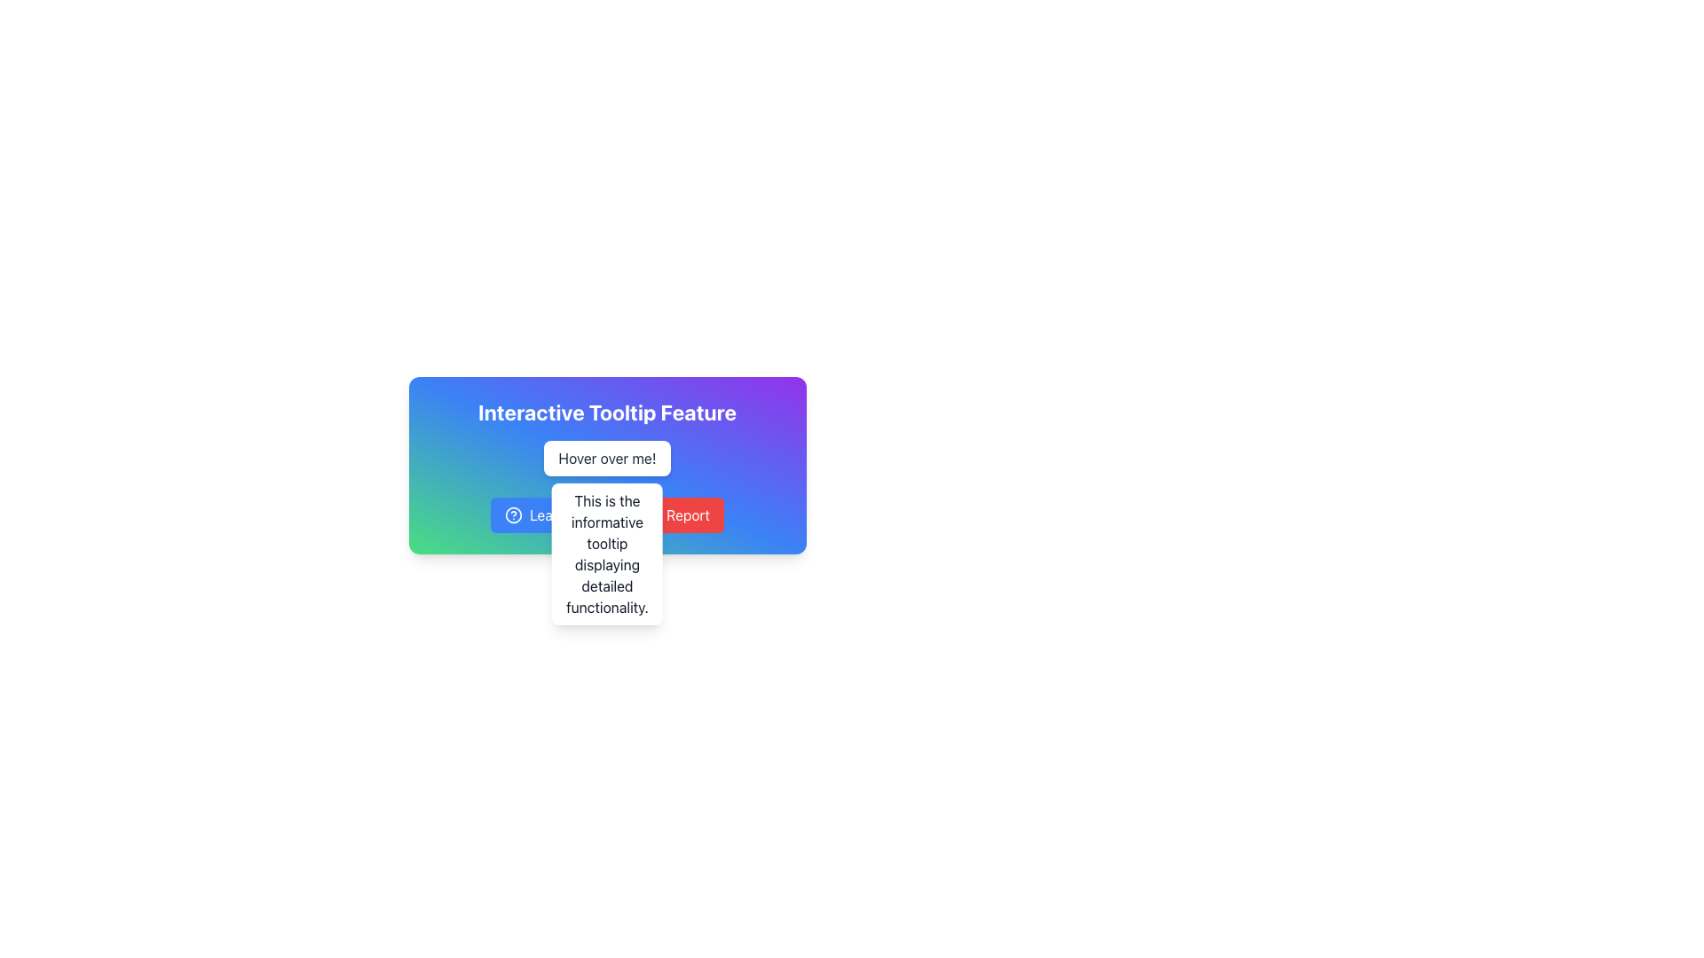 This screenshot has height=958, width=1704. I want to click on the first button located to the left of the 'Report' button under the 'Interactive Tooltip Feature' header to potentially reveal more options or a tooltip, so click(553, 515).